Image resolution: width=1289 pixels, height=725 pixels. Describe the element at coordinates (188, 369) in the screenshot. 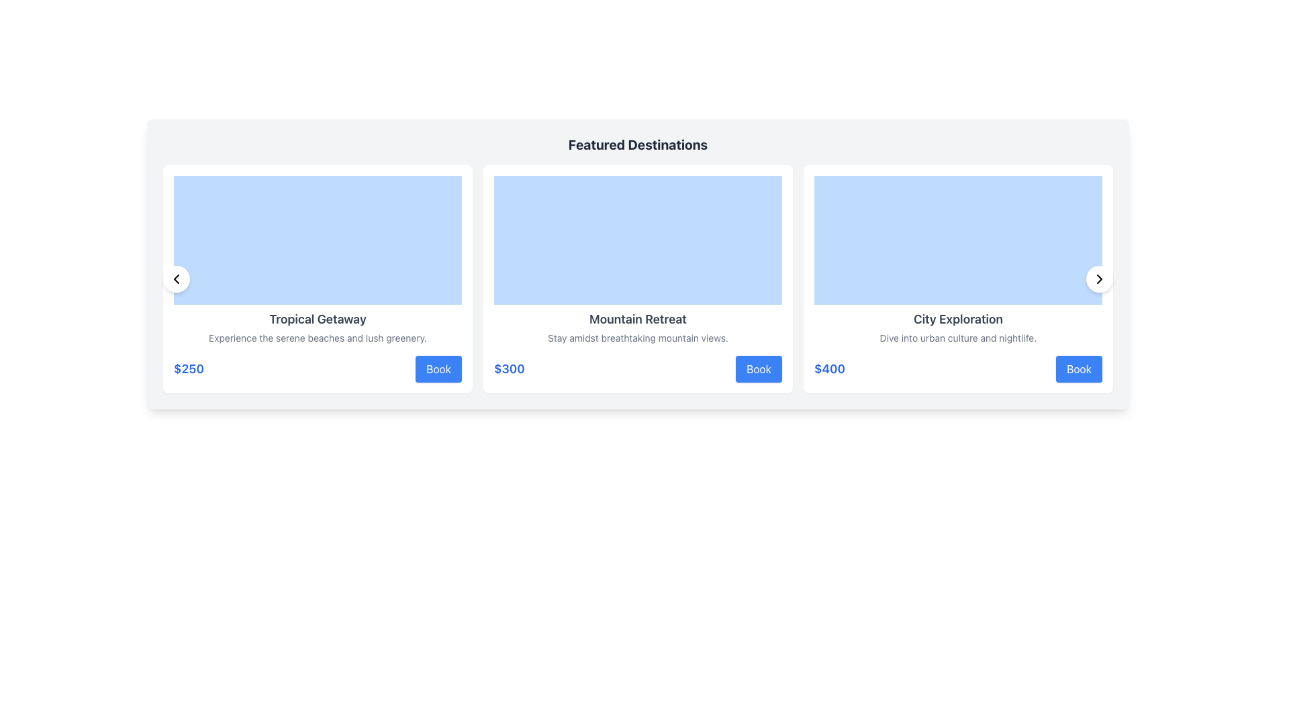

I see `price text displayed for the 'Tropical Getaway' offering, located in the bottom-left corner of the leftmost card, below the descriptive text and aligned with the 'Book' button` at that location.